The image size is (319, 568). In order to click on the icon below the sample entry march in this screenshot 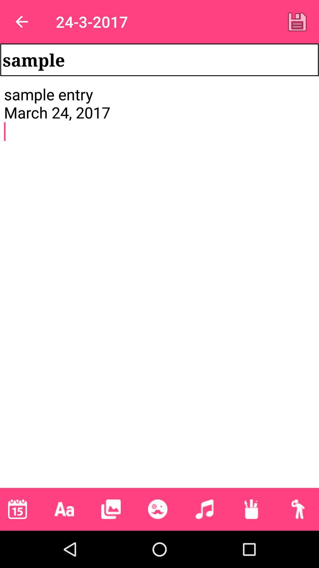, I will do `click(17, 509)`.